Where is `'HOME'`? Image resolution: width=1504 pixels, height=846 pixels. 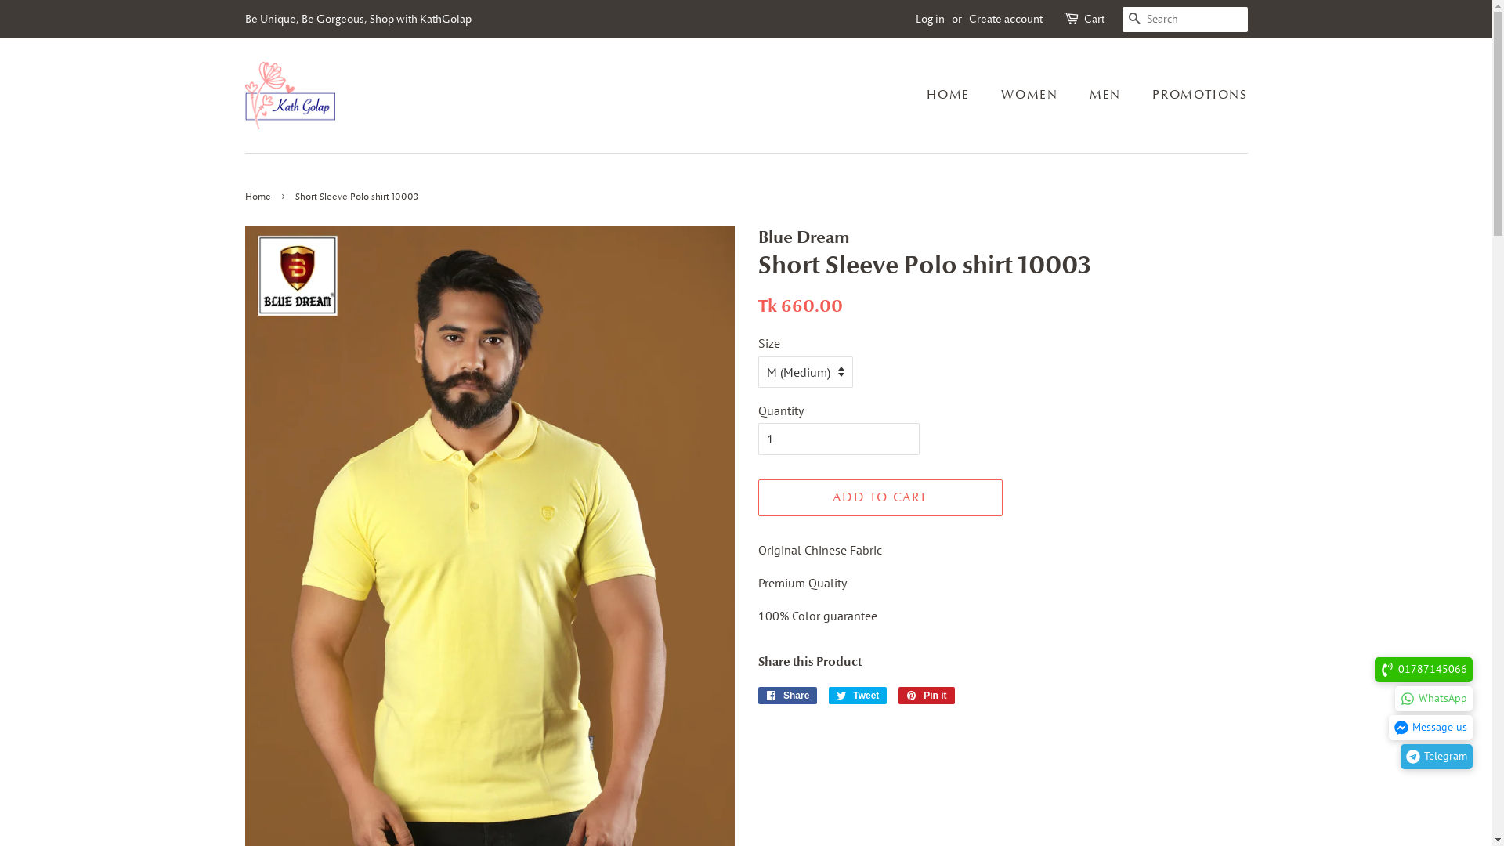
'HOME' is located at coordinates (926, 95).